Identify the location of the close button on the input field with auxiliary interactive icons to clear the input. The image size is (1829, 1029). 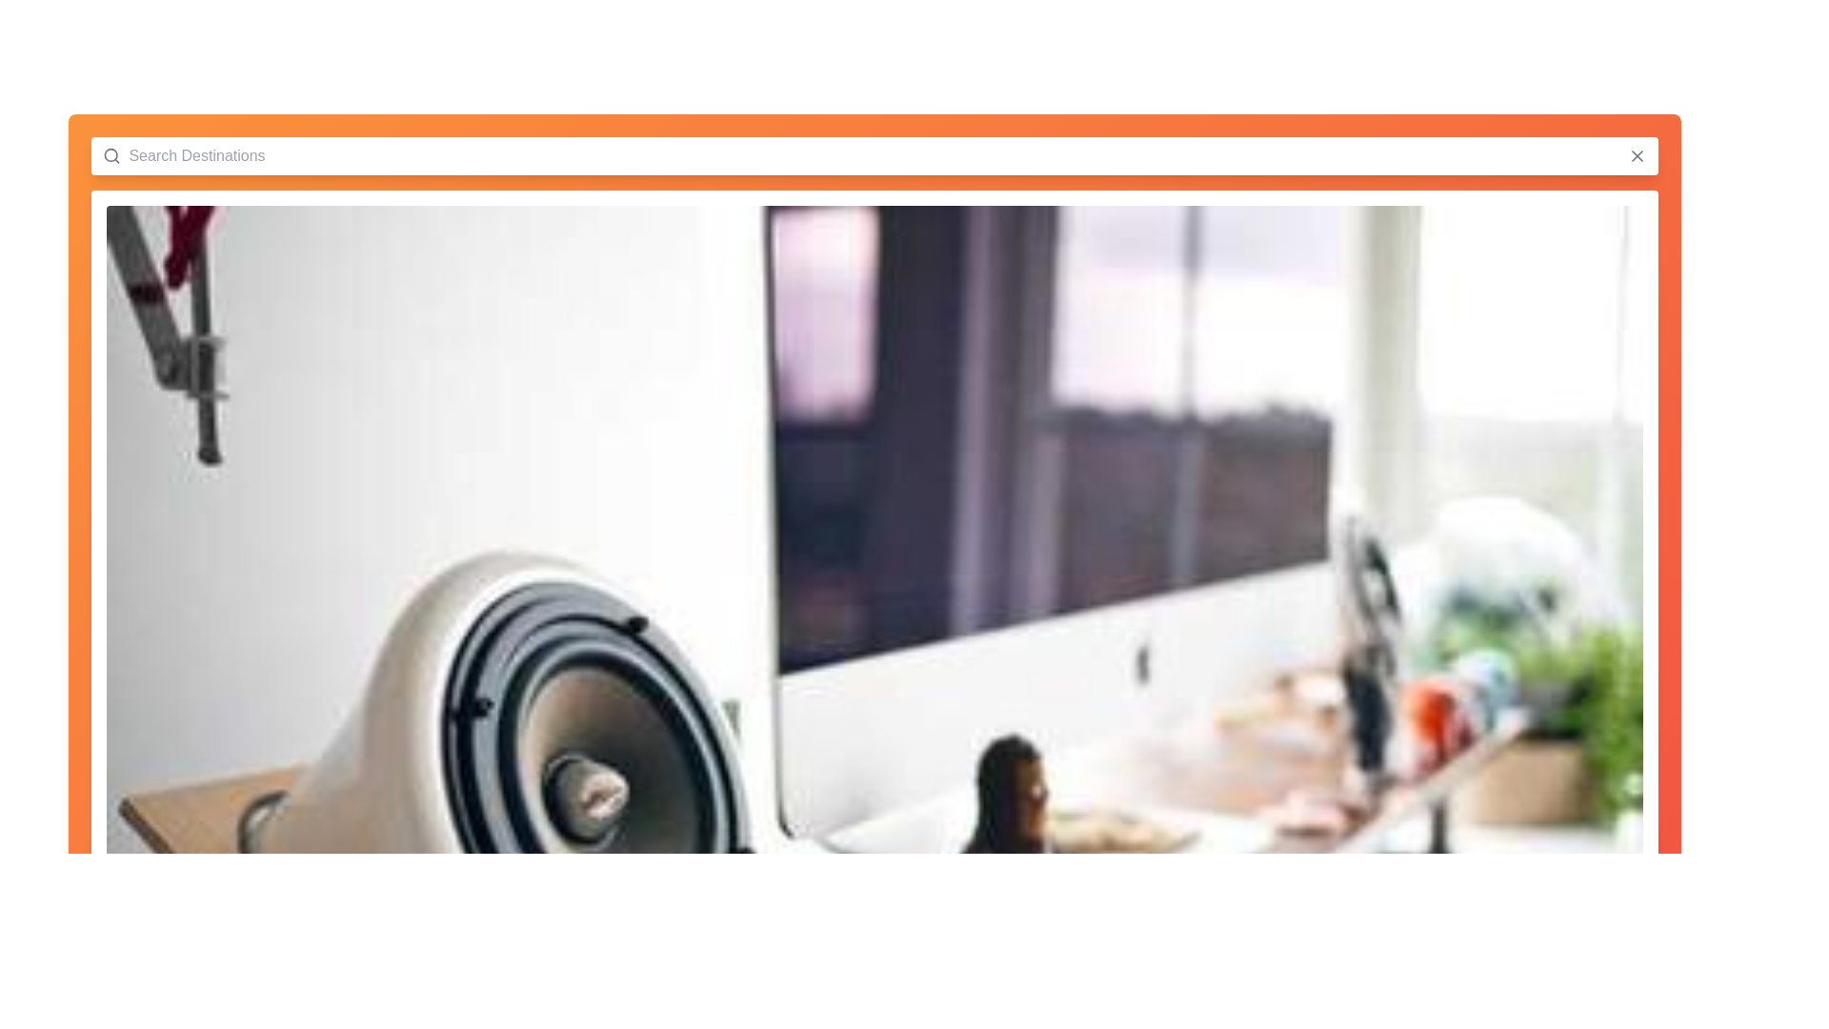
(874, 155).